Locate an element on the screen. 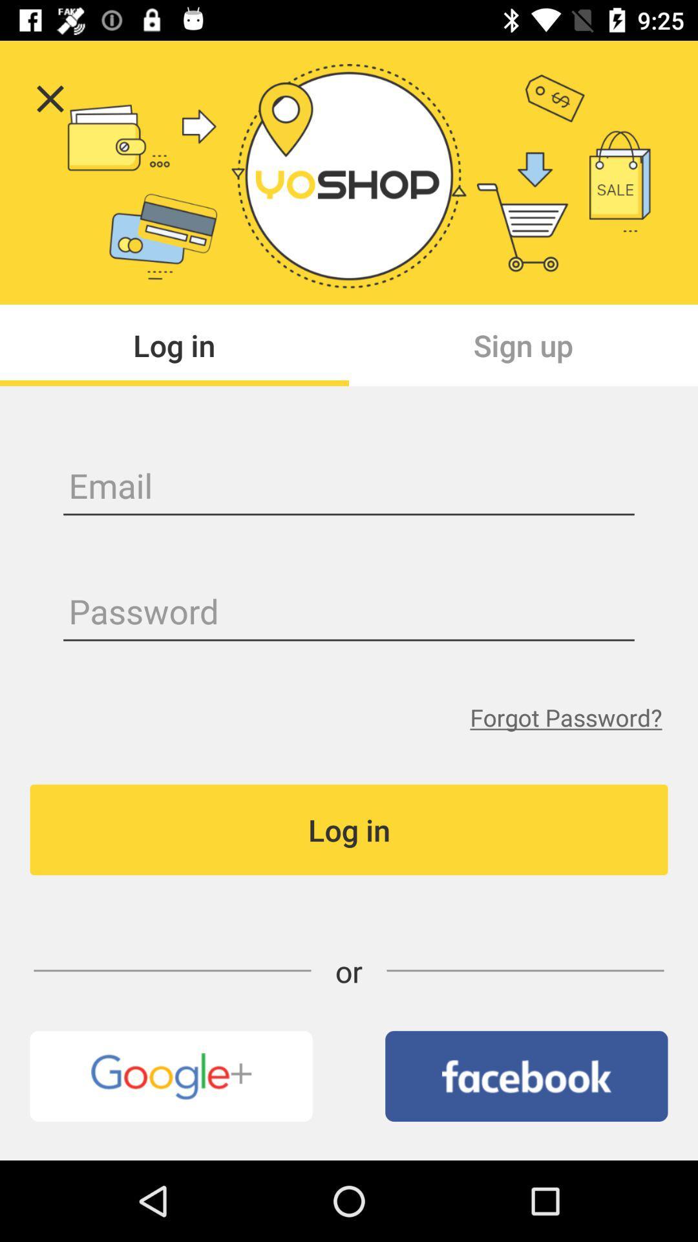 This screenshot has height=1242, width=698. the  forgot password?  item is located at coordinates (565, 717).